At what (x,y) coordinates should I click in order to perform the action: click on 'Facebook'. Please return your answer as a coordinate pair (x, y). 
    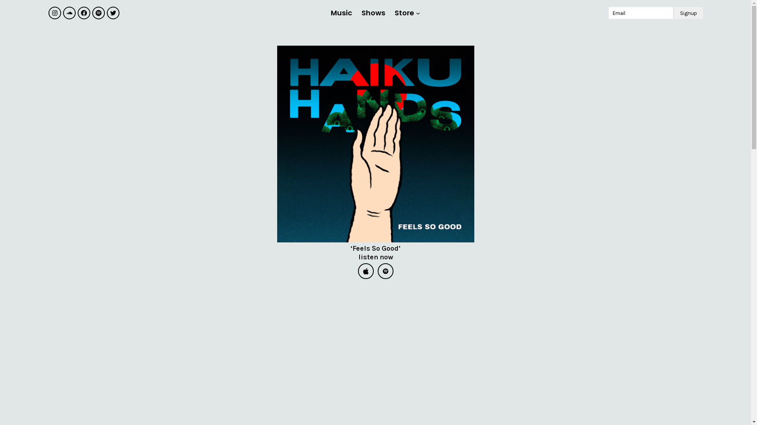
    Looking at the image, I should click on (83, 13).